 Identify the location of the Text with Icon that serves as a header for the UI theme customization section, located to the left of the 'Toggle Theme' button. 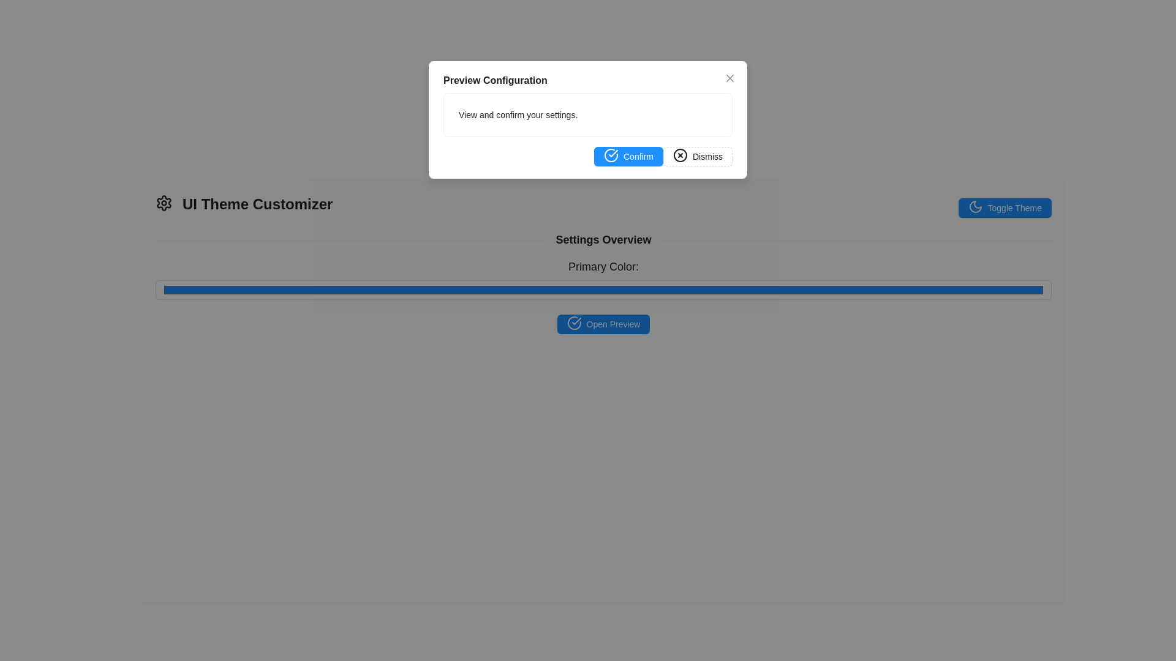
(244, 204).